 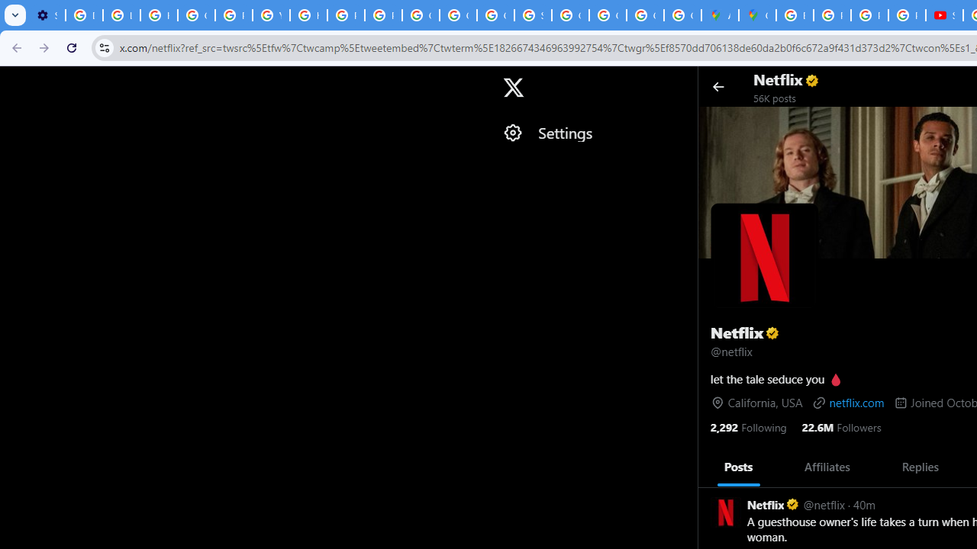 What do you see at coordinates (757, 15) in the screenshot?
I see `'Google Maps'` at bounding box center [757, 15].